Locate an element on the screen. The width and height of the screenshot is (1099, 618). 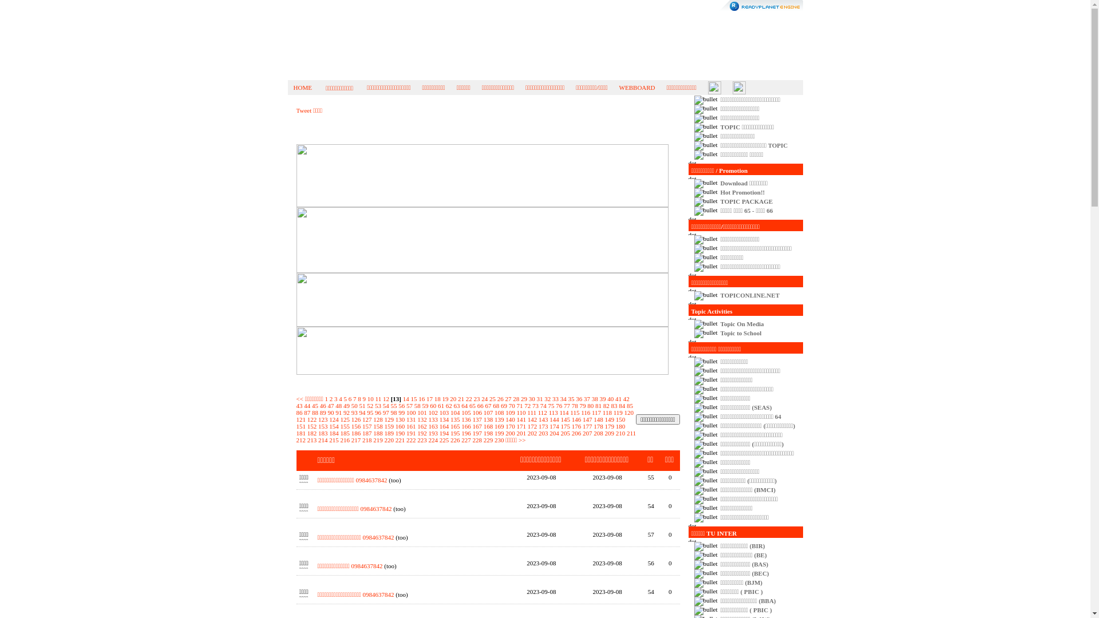
'227' is located at coordinates (466, 439).